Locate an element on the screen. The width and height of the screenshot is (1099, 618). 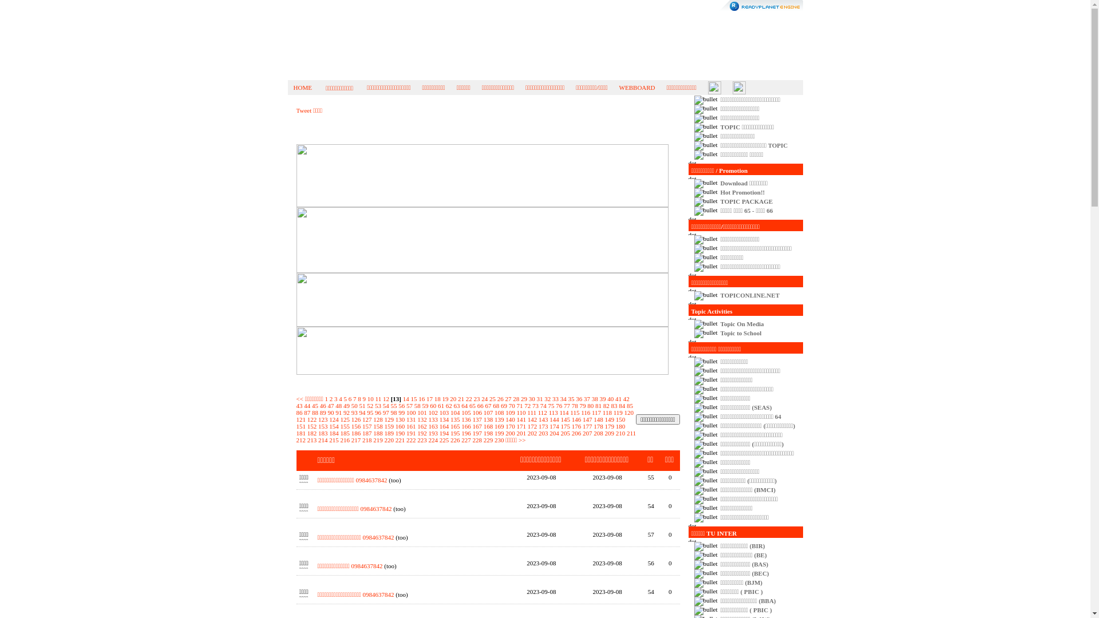
'227' is located at coordinates (466, 439).